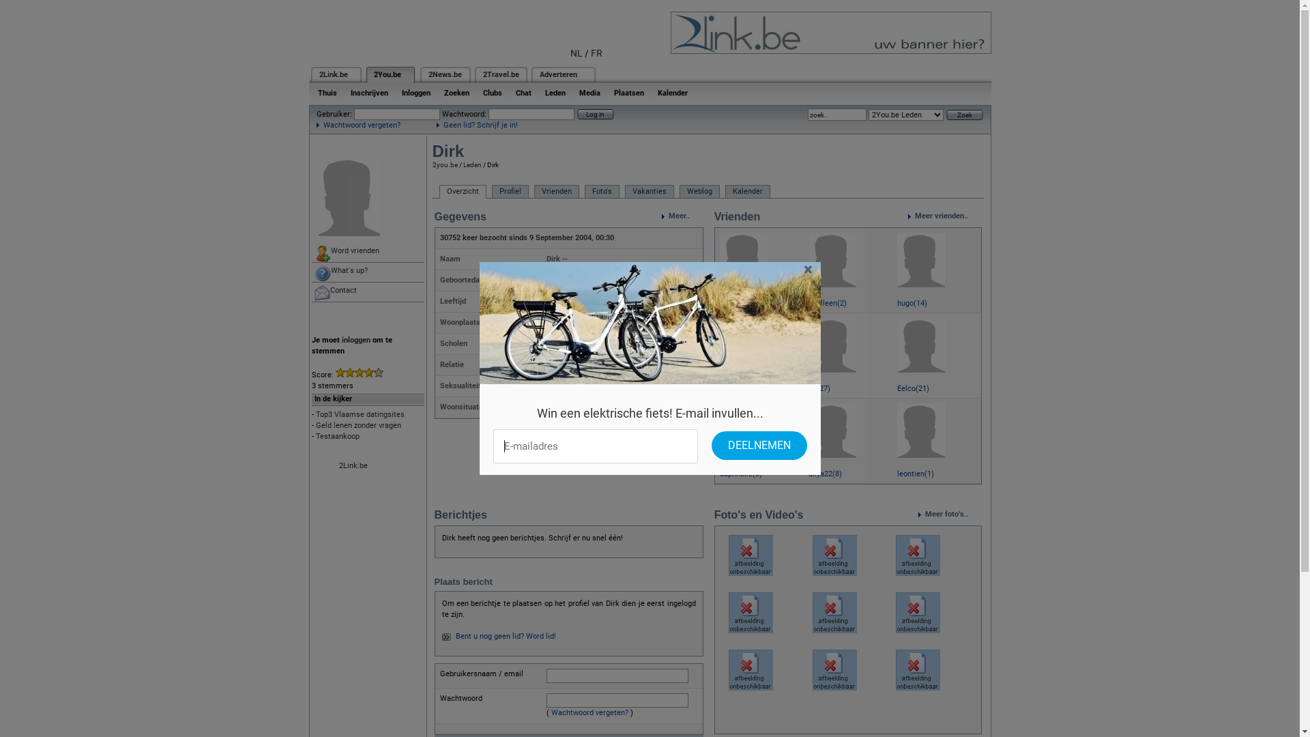 This screenshot has width=1310, height=737. What do you see at coordinates (682, 215) in the screenshot?
I see `'Meer..'` at bounding box center [682, 215].